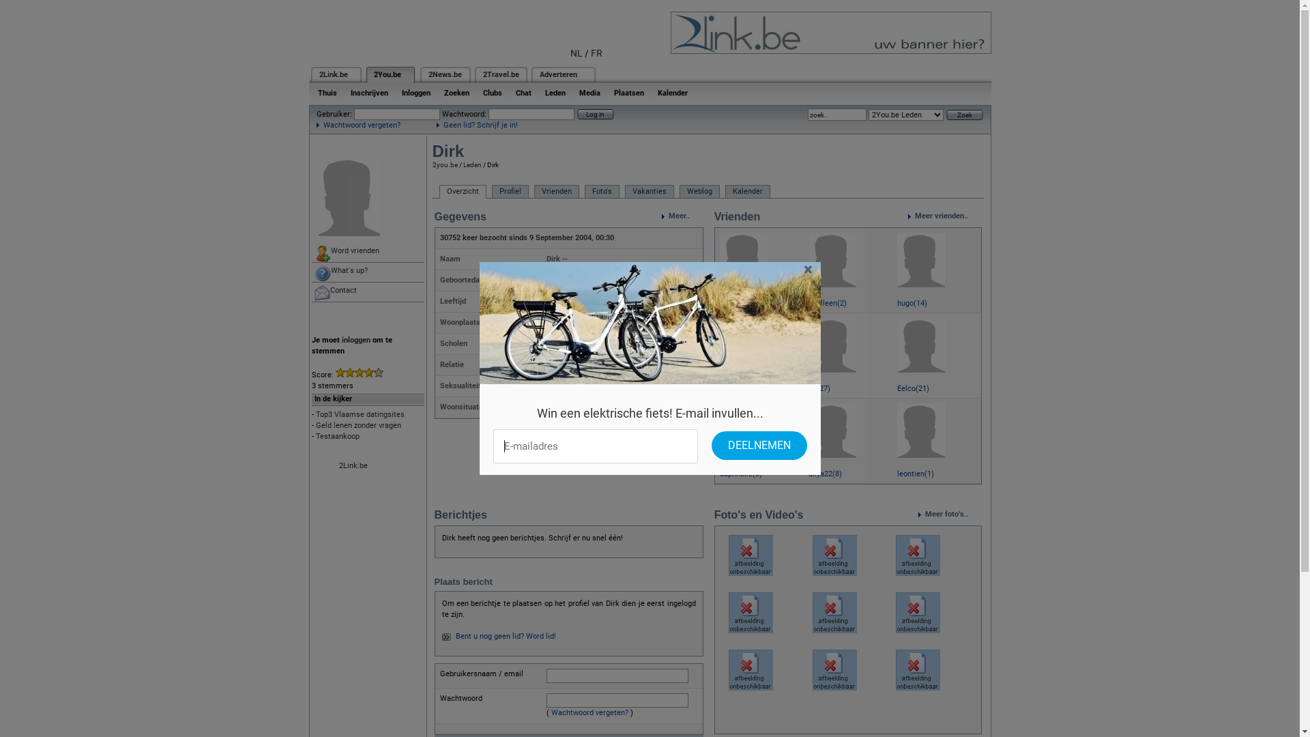 This screenshot has width=1310, height=737. What do you see at coordinates (682, 215) in the screenshot?
I see `'Meer..'` at bounding box center [682, 215].